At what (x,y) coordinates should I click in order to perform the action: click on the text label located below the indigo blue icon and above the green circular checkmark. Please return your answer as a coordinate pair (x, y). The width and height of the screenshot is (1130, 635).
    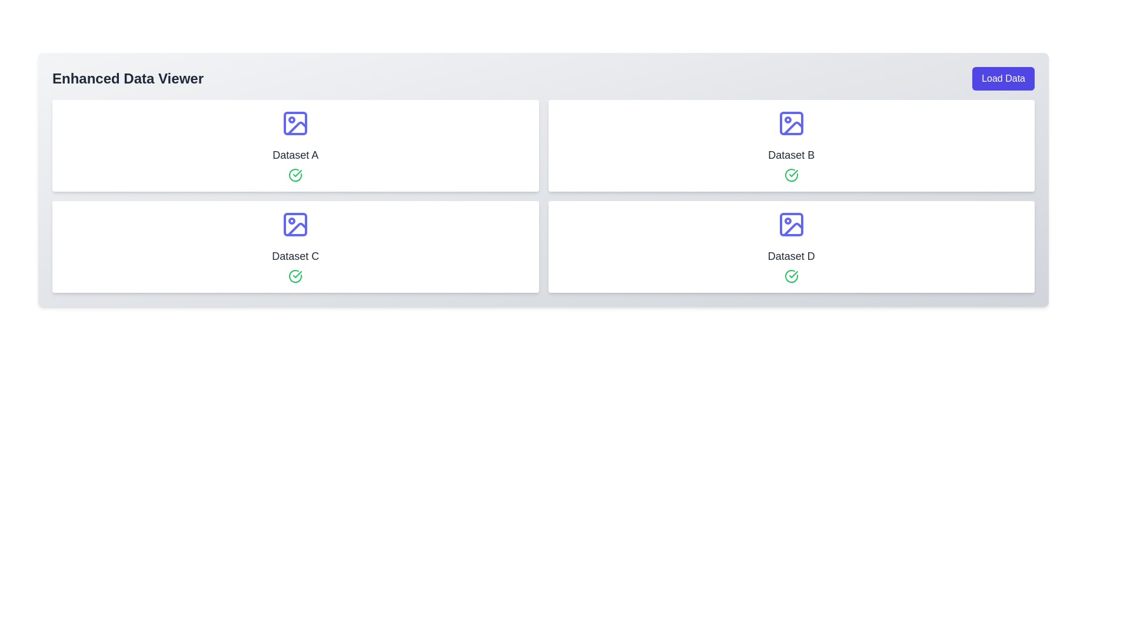
    Looking at the image, I should click on (295, 154).